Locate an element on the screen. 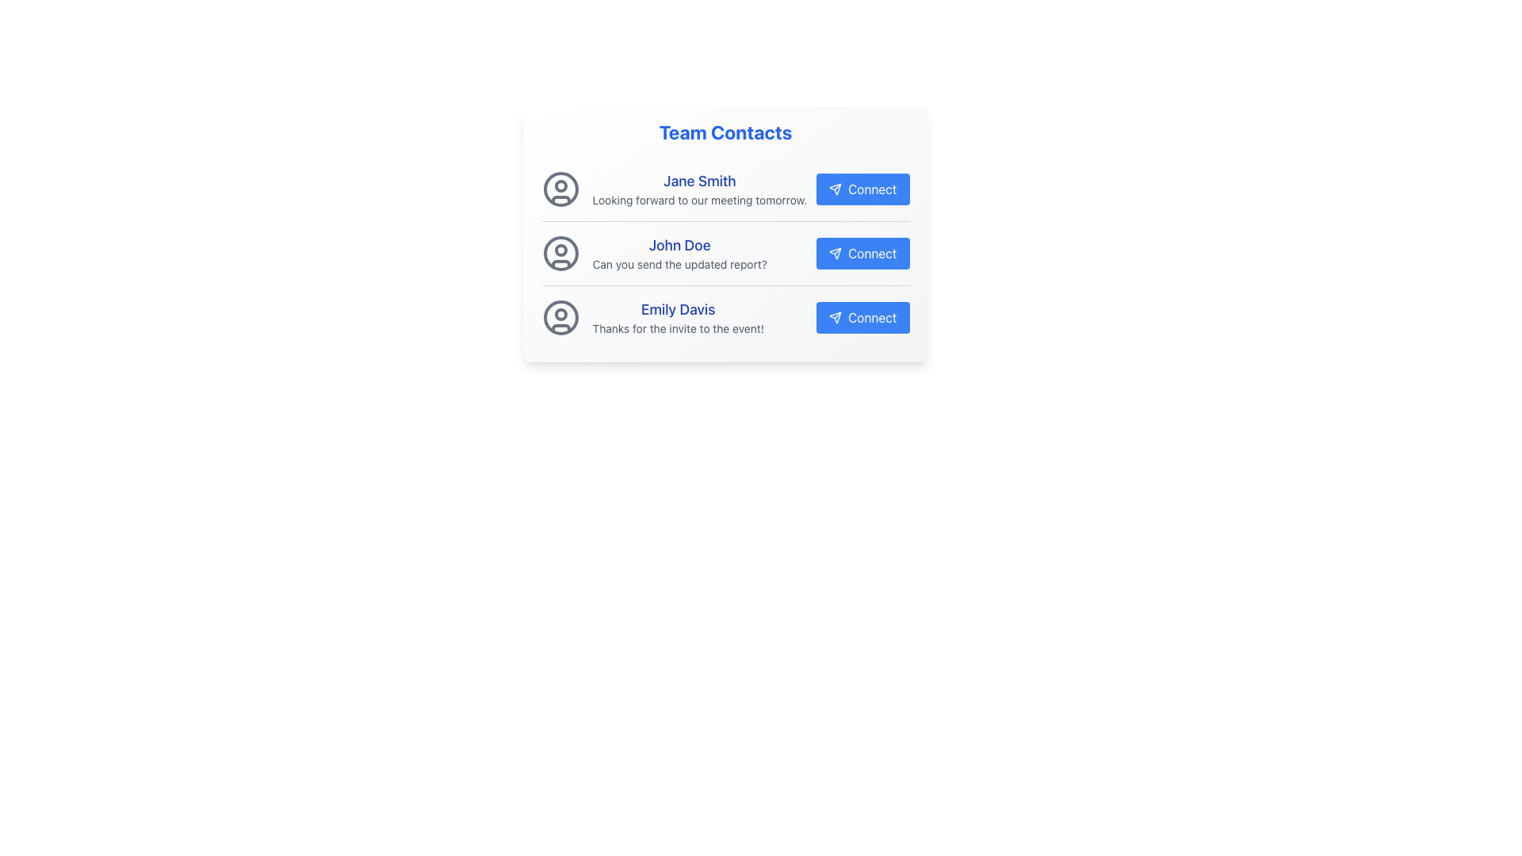 This screenshot has height=856, width=1522. the contact icon representing 'Jane Smith' in the 'Team Contacts' list, located to the far left of her name is located at coordinates (560, 189).